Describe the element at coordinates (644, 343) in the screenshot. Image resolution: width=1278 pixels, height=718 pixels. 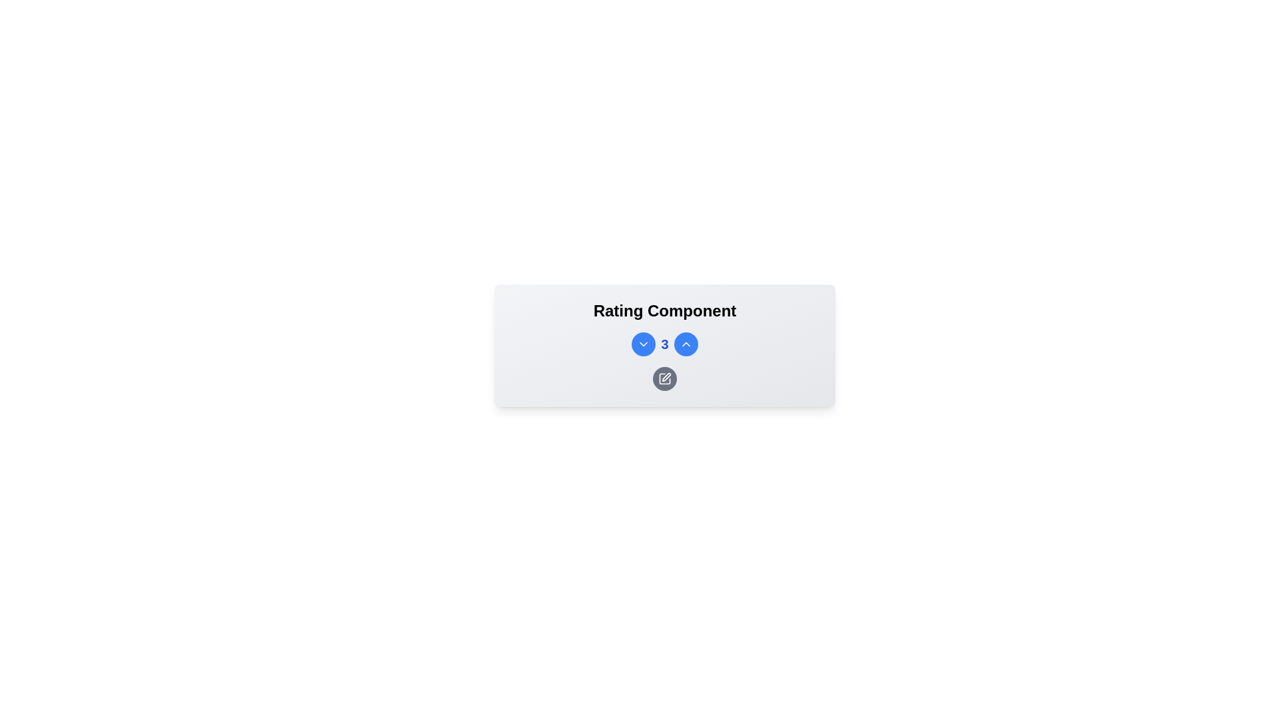
I see `the downward chevron SVG icon located centrally inside the blue circular button` at that location.